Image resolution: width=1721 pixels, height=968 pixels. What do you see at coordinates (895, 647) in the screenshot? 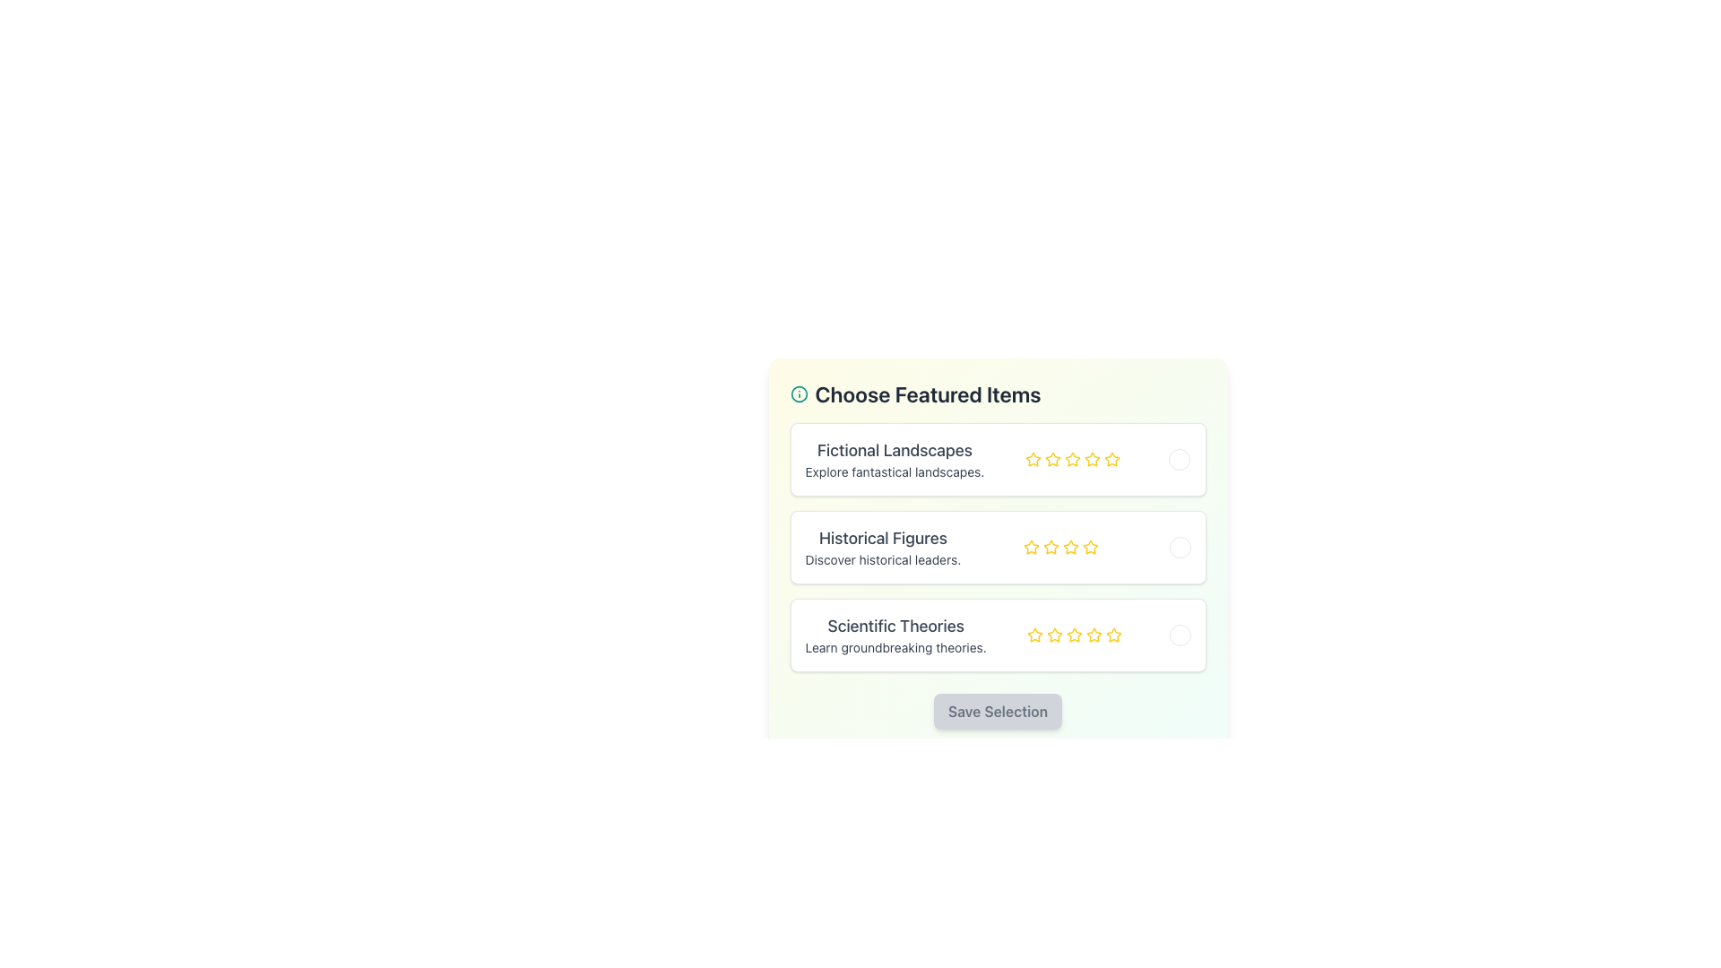
I see `the descriptive text element located in the third row under the title 'Scientific Theories' in the selectable card layout` at bounding box center [895, 647].